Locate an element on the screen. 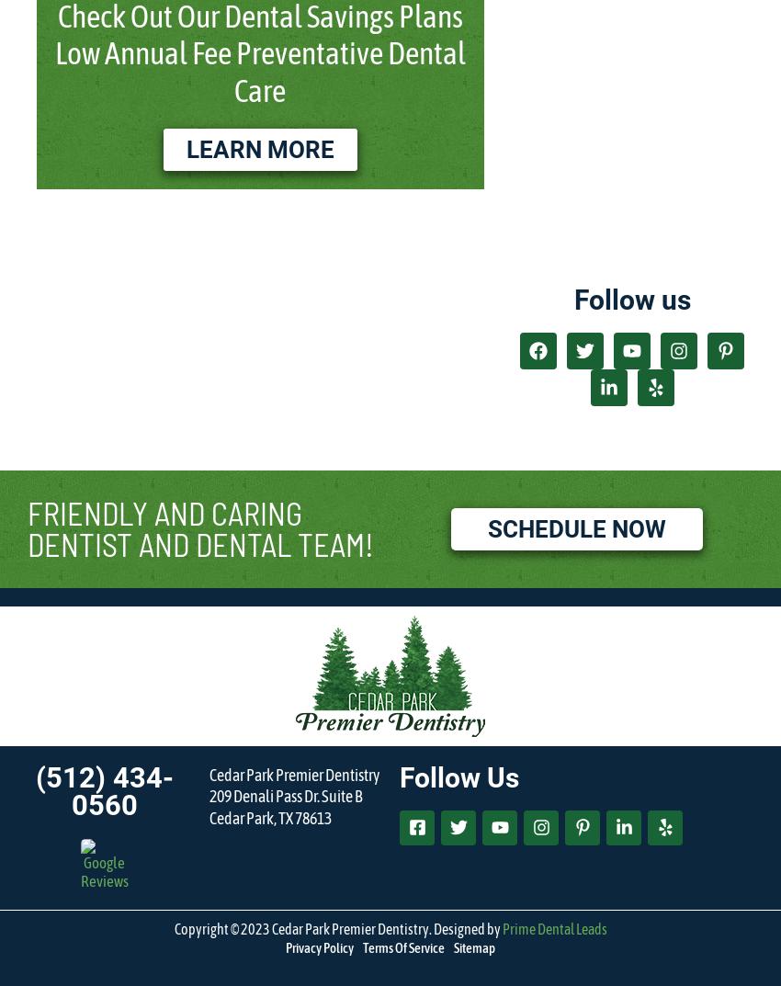  '(512) 434-0560' is located at coordinates (103, 789).